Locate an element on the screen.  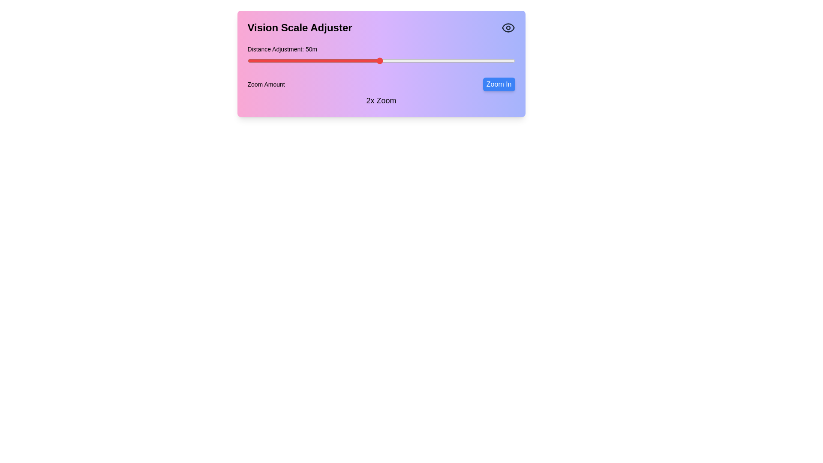
the distance adjustment is located at coordinates (406, 60).